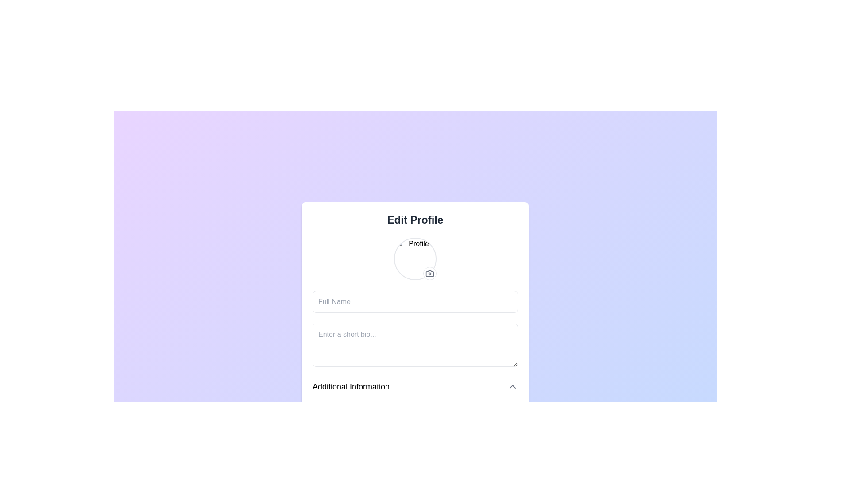  Describe the element at coordinates (429, 273) in the screenshot. I see `the SVG camera icon located at the bottom-right of the circular profile image placeholder in the 'Edit Profile' section` at that location.